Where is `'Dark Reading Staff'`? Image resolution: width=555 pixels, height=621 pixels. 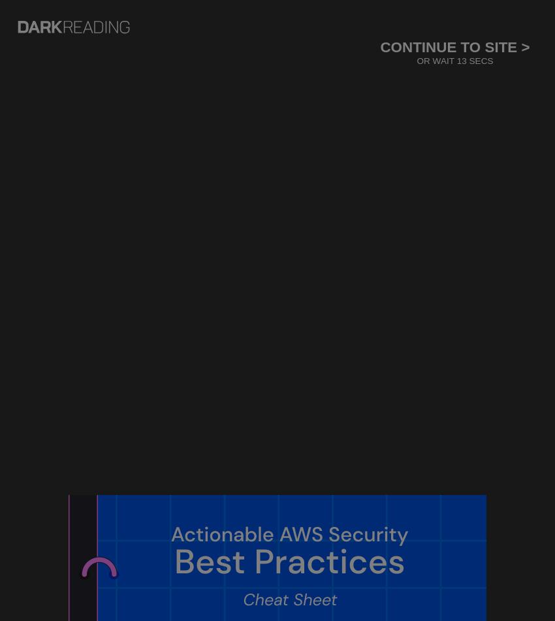 'Dark Reading Staff' is located at coordinates (91, 350).